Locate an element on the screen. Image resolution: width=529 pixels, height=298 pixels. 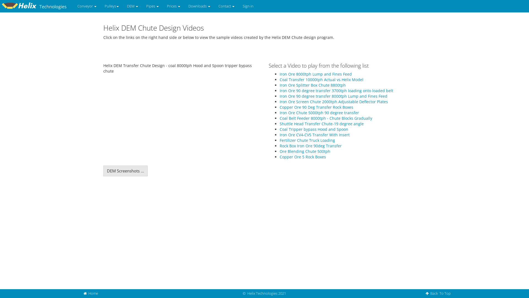
'Iron Ore 8000tph Lump and Fines Feed' is located at coordinates (279, 74).